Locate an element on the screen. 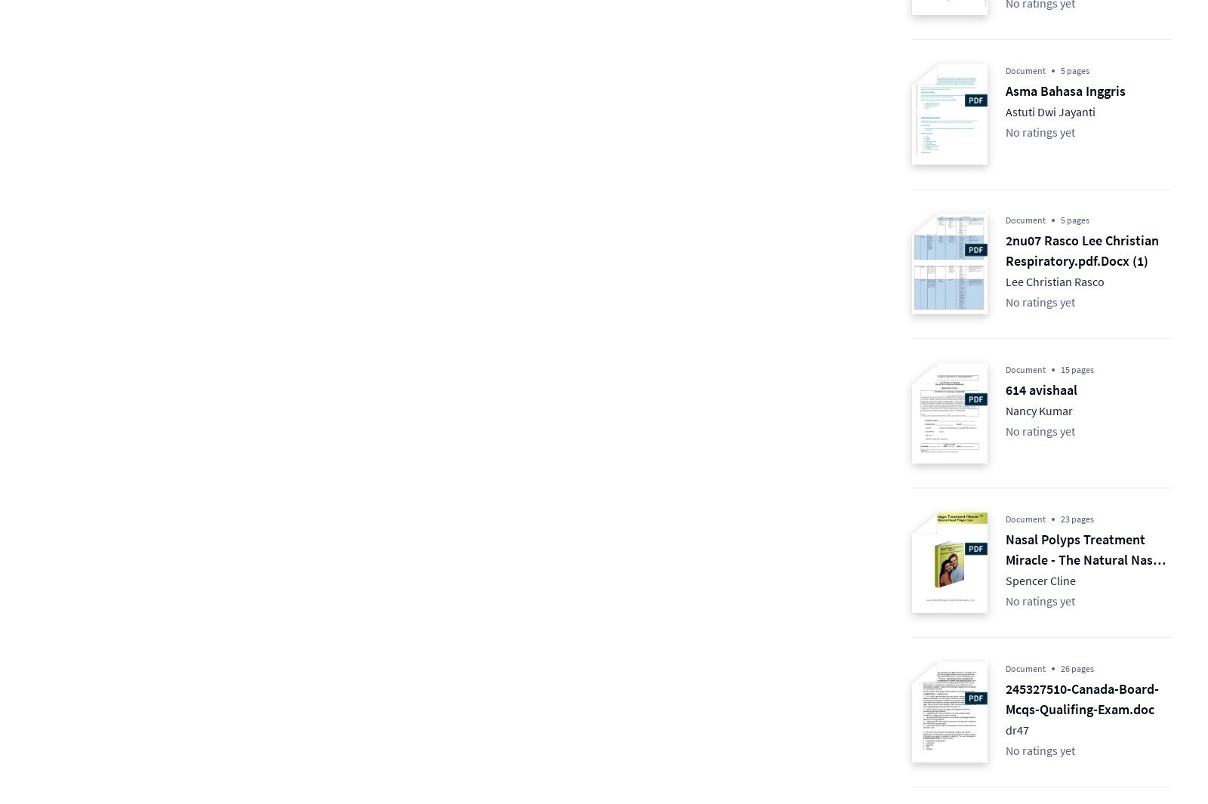  'Asma Bahasa Inggris' is located at coordinates (1065, 90).